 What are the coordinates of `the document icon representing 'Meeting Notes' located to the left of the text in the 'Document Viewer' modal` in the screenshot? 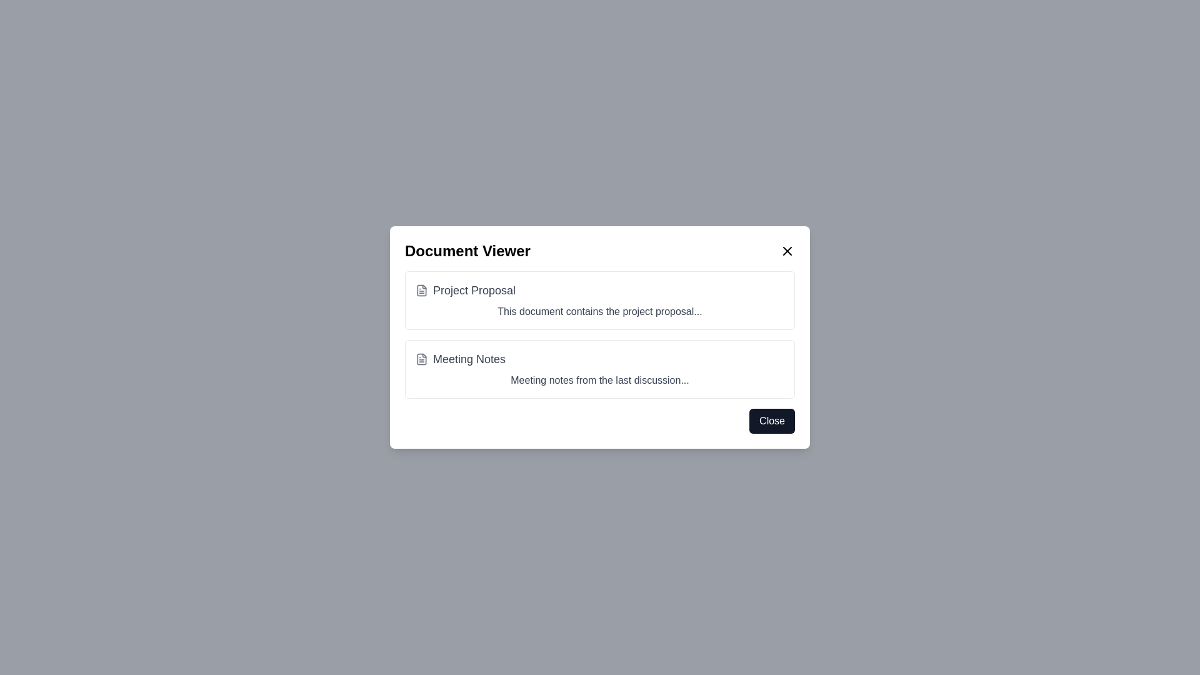 It's located at (422, 359).